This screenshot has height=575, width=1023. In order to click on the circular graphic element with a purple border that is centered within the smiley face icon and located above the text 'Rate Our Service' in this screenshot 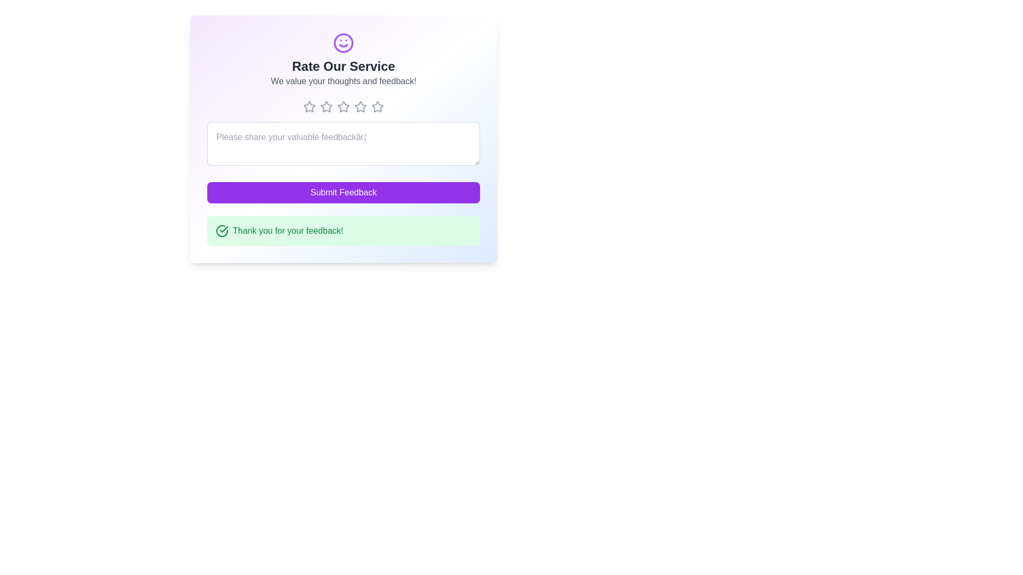, I will do `click(343, 43)`.